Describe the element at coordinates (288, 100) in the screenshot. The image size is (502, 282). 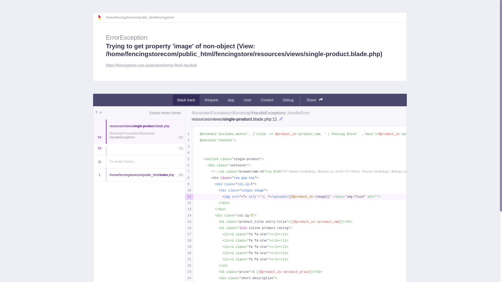
I see `'Debug'` at that location.